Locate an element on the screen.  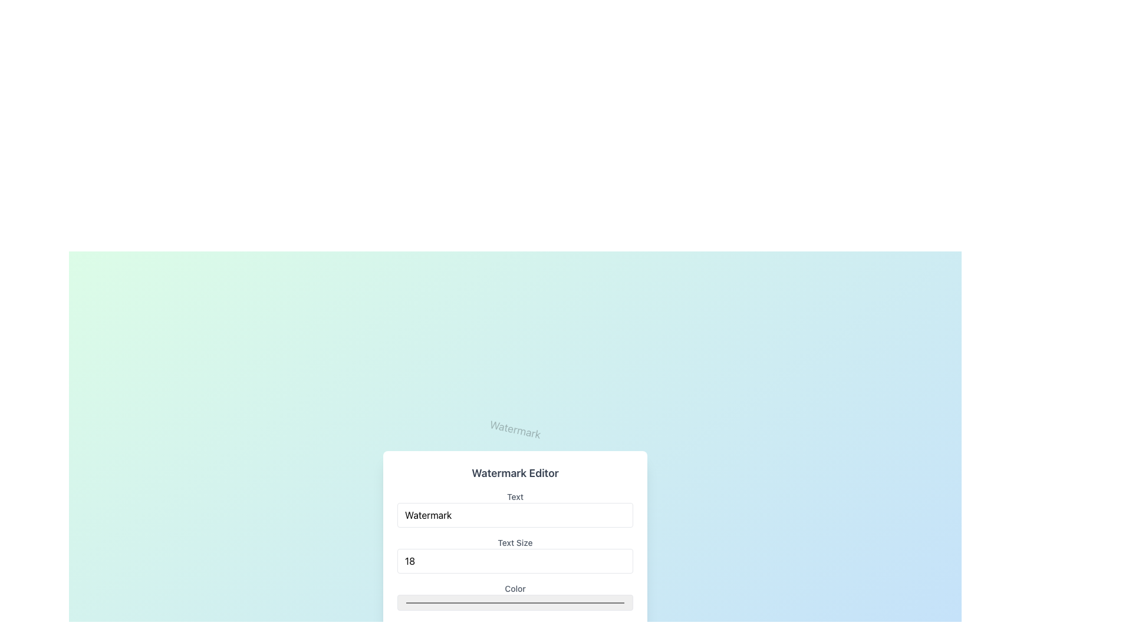
the 'Watermark' text label, which is a single word in medium-sized serif font, black and slightly transparent, angled at 12 degrees, centrally located in the watermark editor interface is located at coordinates (515, 429).